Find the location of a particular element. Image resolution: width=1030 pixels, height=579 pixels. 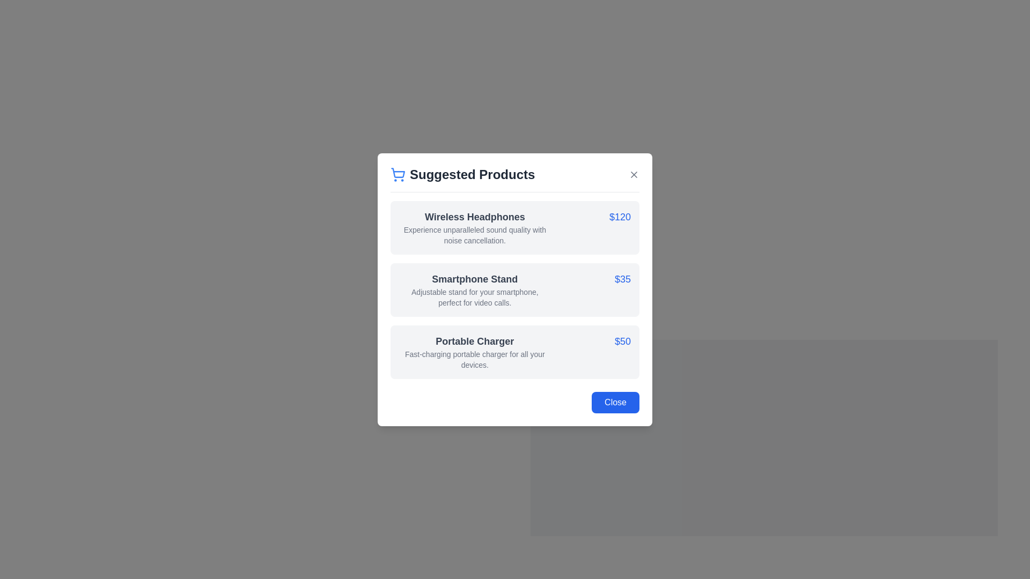

the 'Portable Charger' product card, which is the third item in the 'Suggested Products' modal, featuring a bold title, a description, and a prominent blue price is located at coordinates (515, 352).